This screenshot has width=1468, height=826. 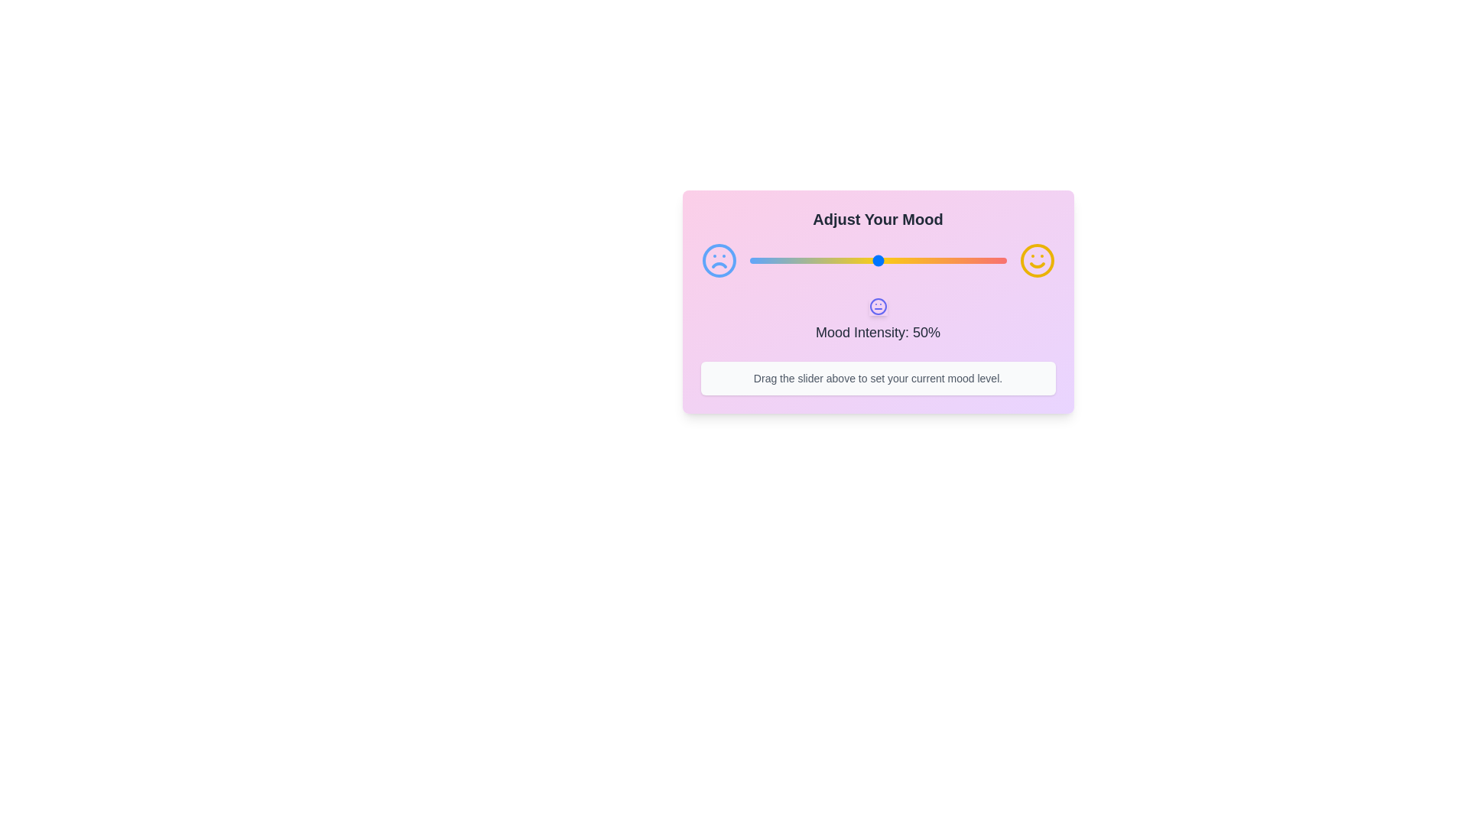 I want to click on the mood slider to 25%, so click(x=813, y=259).